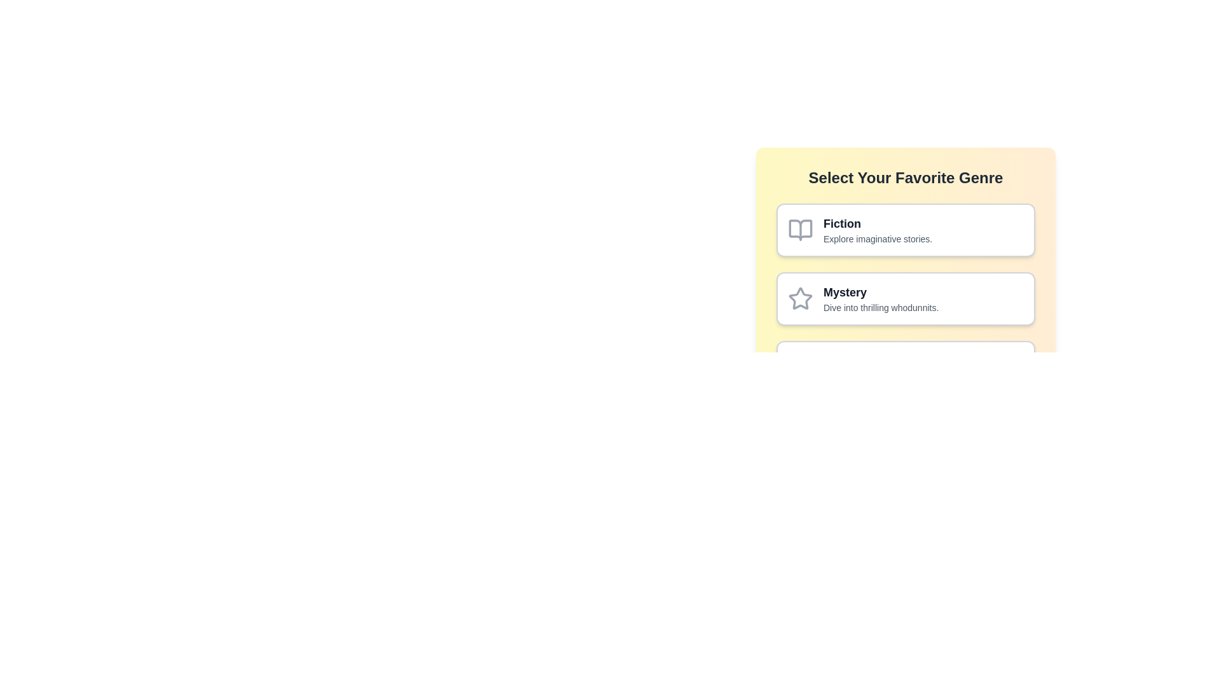 This screenshot has width=1221, height=687. I want to click on the gray text label reading 'Explore imaginative stories.' located beneath the 'Fiction' heading in the genre selection list, so click(877, 239).